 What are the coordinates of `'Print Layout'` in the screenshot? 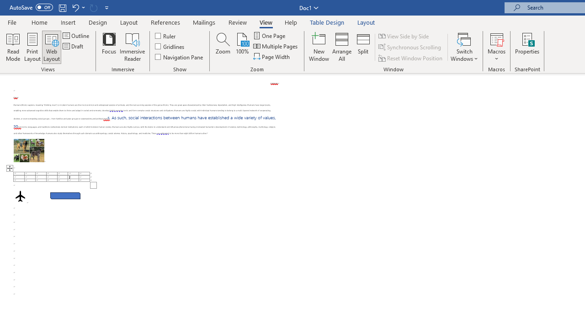 It's located at (32, 47).